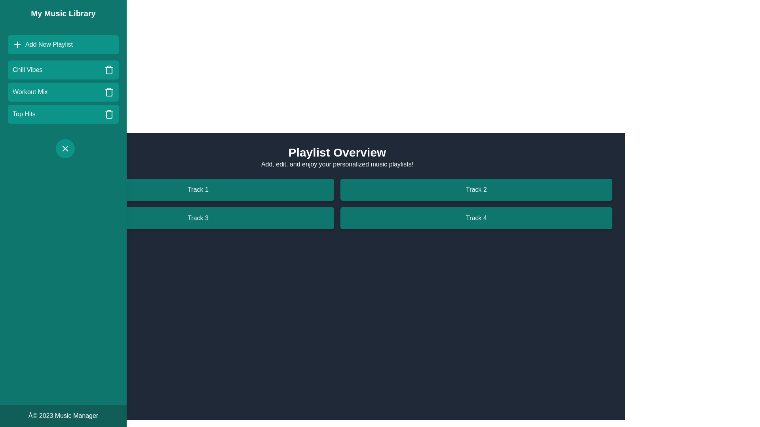  I want to click on the teal rectangular button labeled 'Add New Playlist' with rounded corners, located at the top of the vertical list in the left sidebar, so click(63, 44).